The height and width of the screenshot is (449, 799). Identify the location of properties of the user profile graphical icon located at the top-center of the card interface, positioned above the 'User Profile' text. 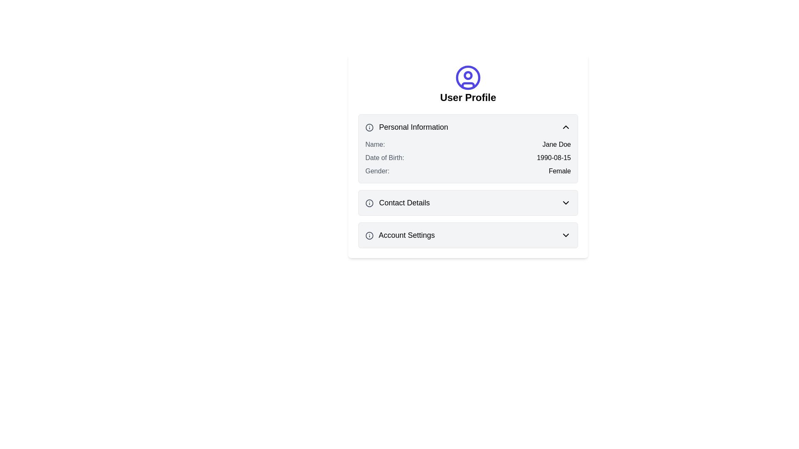
(468, 77).